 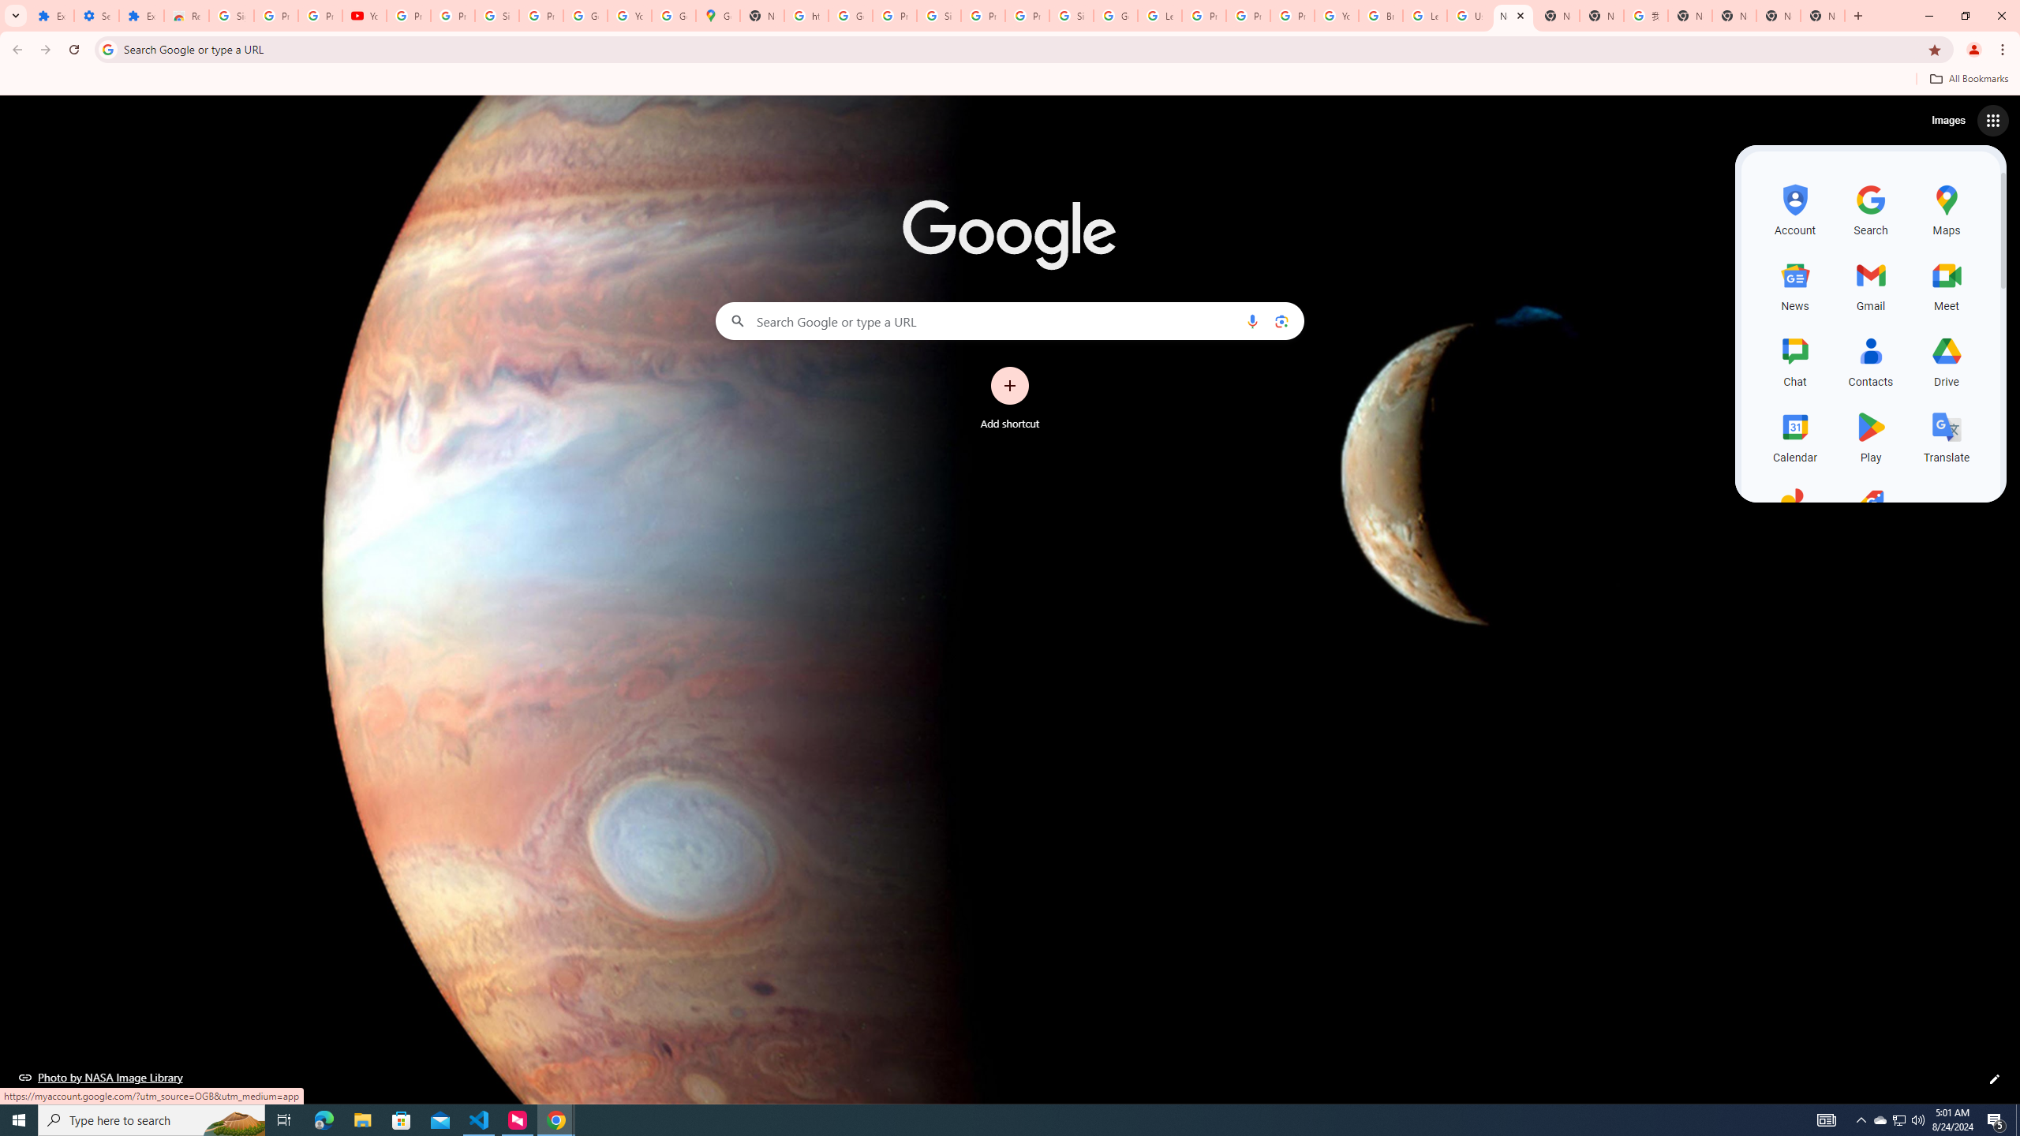 I want to click on 'Extensions', so click(x=51, y=15).